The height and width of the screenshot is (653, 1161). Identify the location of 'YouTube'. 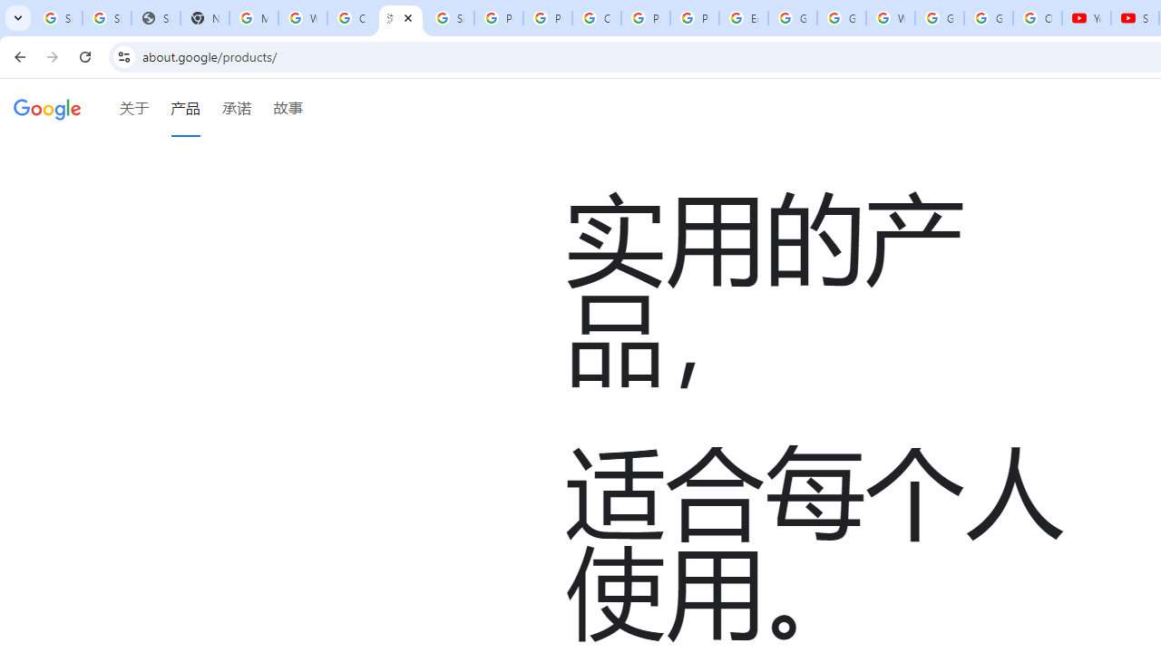
(1087, 18).